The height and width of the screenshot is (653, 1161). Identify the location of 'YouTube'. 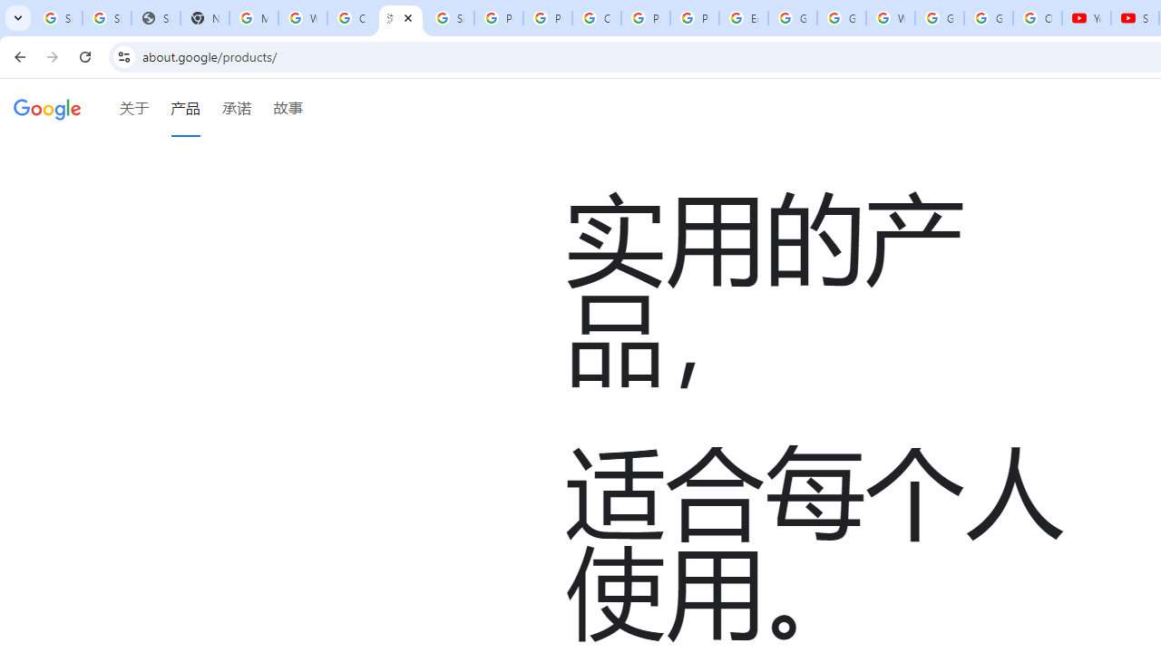
(1087, 18).